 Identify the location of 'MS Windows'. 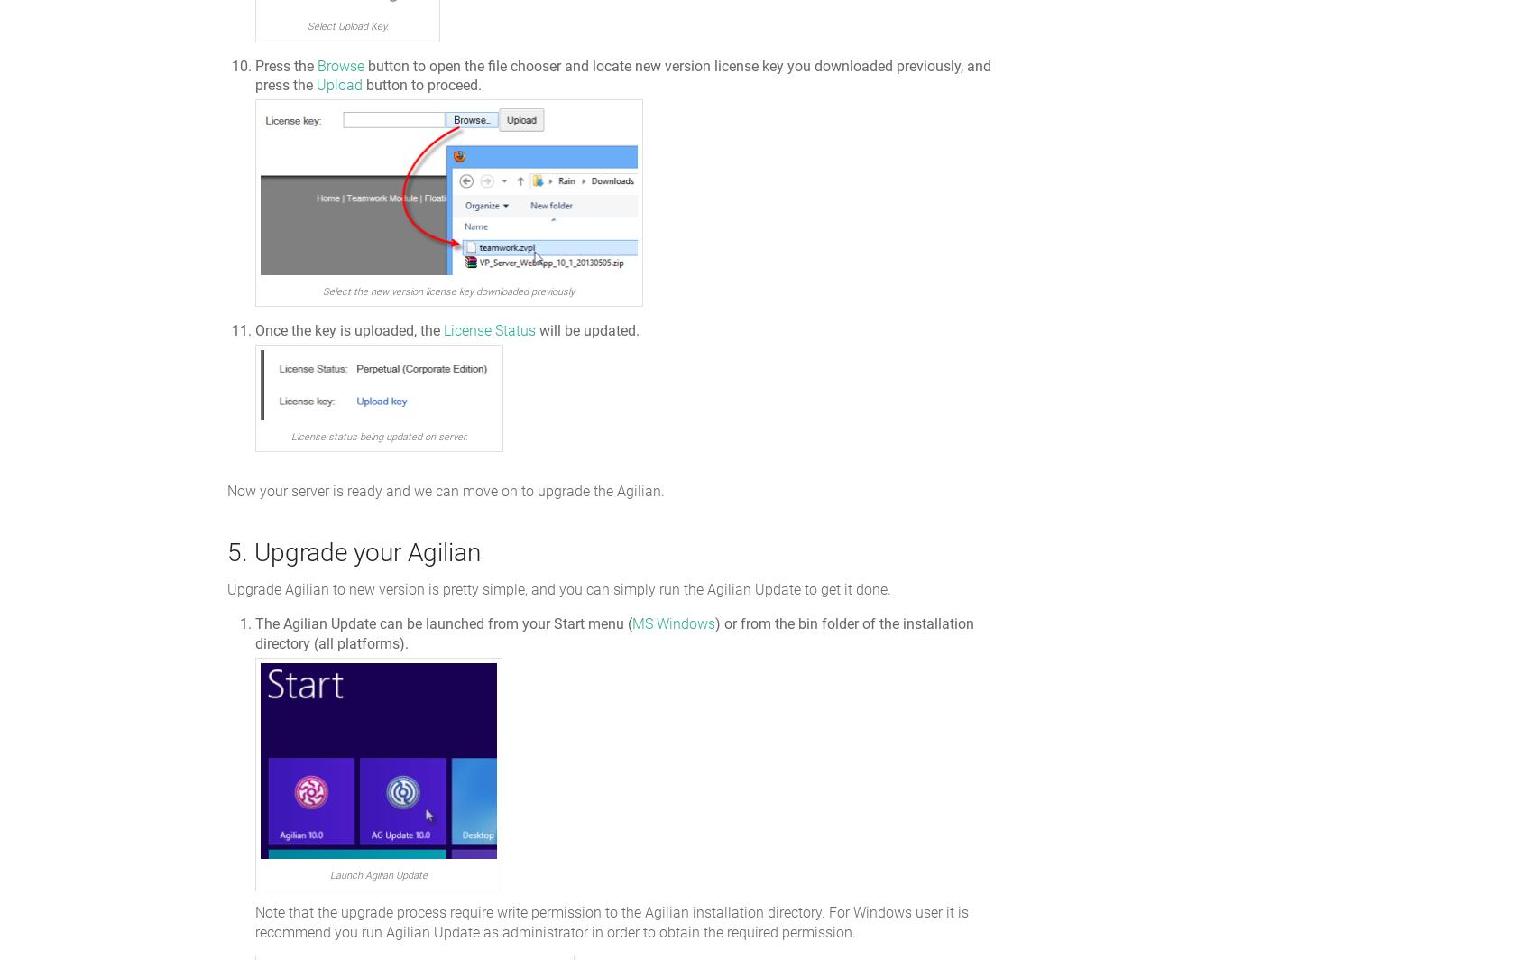
(674, 623).